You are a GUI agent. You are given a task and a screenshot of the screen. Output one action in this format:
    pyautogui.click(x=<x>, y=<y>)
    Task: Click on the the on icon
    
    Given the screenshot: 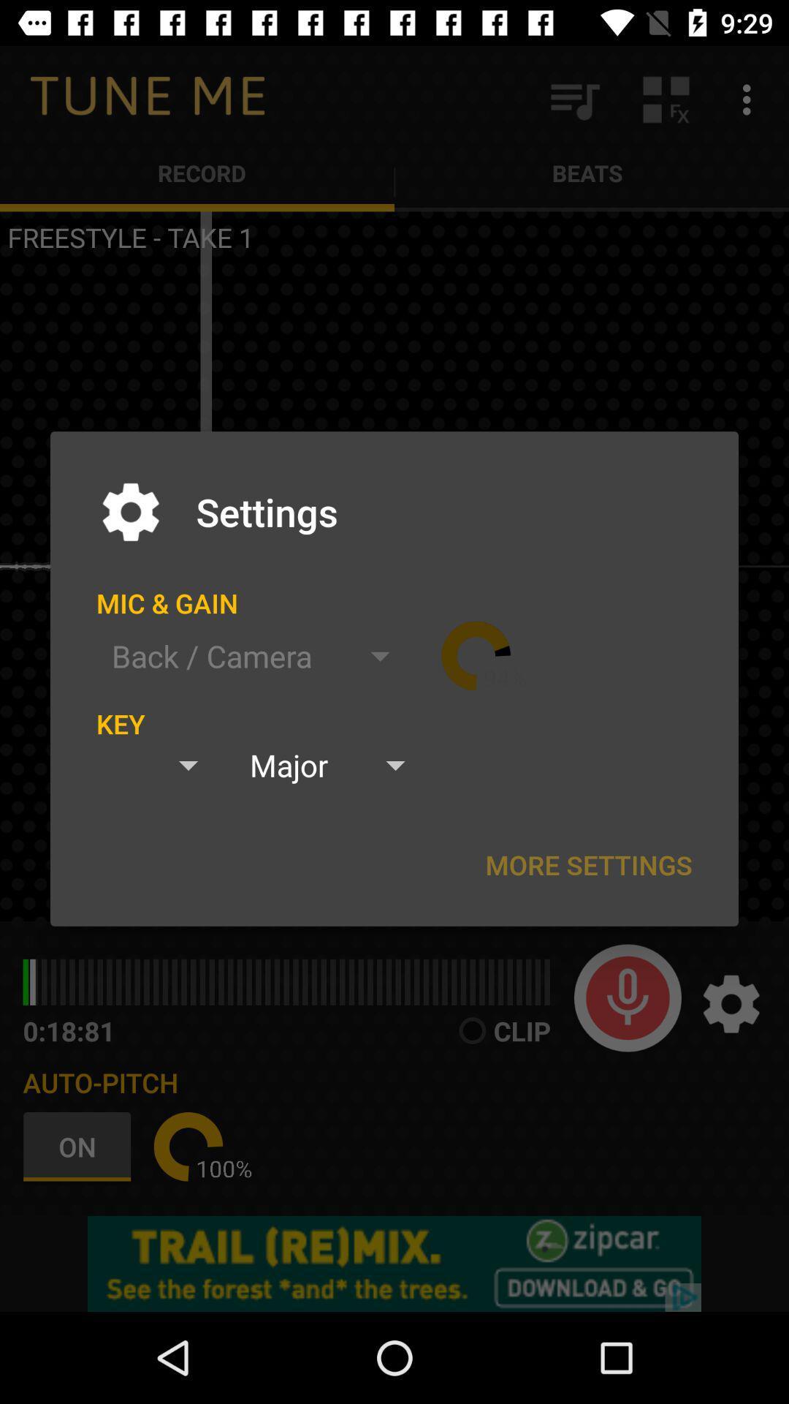 What is the action you would take?
    pyautogui.click(x=80, y=1146)
    